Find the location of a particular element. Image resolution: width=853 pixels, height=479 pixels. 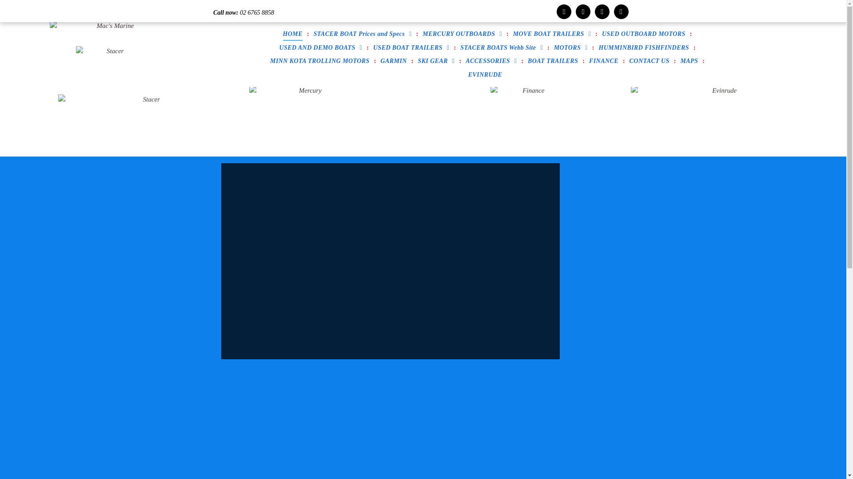

'MERCURY OUTBOARDS' is located at coordinates (462, 34).